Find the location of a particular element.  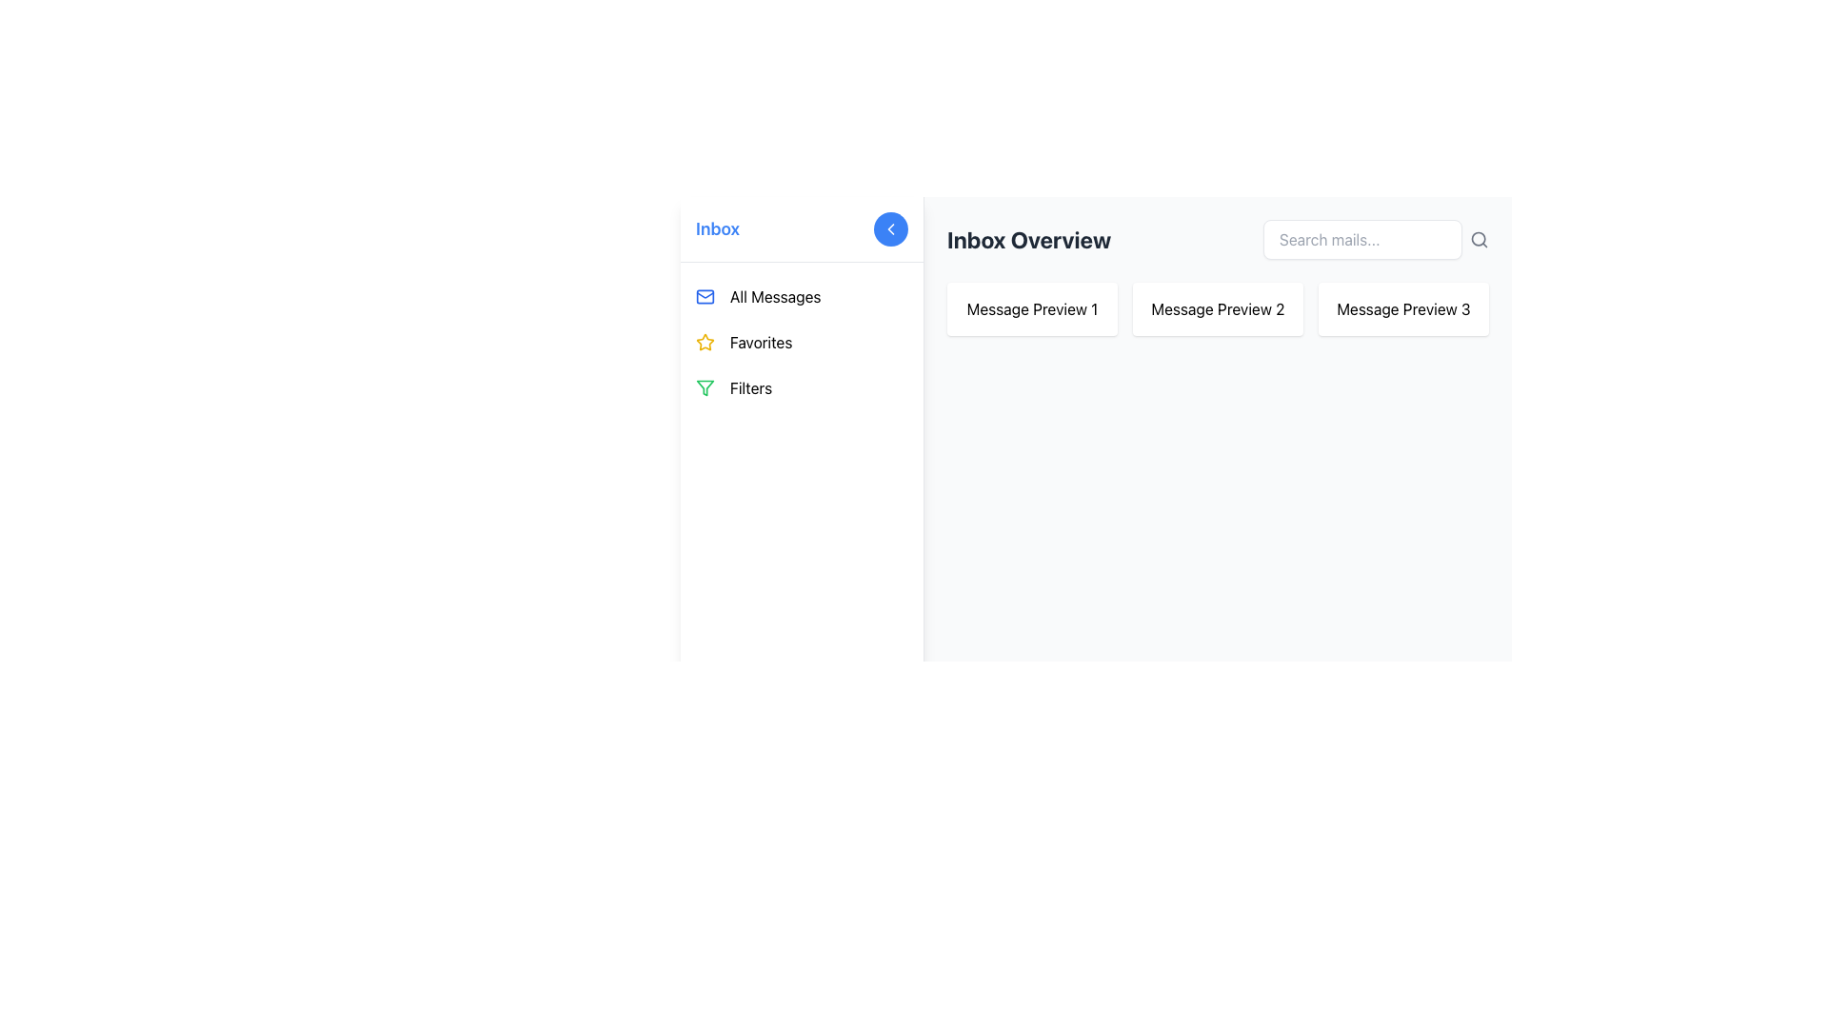

the 'Inbox' text label displayed in bold, blue font at the top of the section is located at coordinates (716, 227).